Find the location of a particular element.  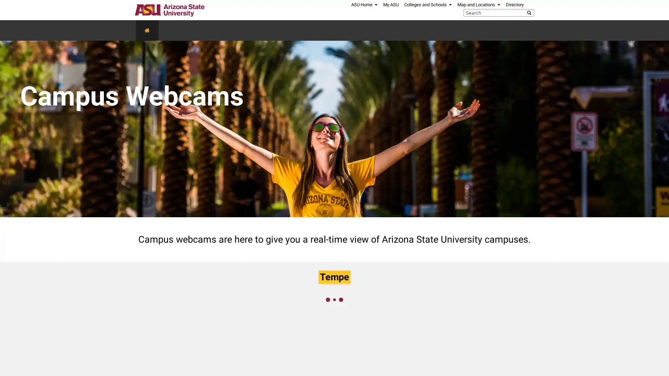

Search is located at coordinates (530, 12).